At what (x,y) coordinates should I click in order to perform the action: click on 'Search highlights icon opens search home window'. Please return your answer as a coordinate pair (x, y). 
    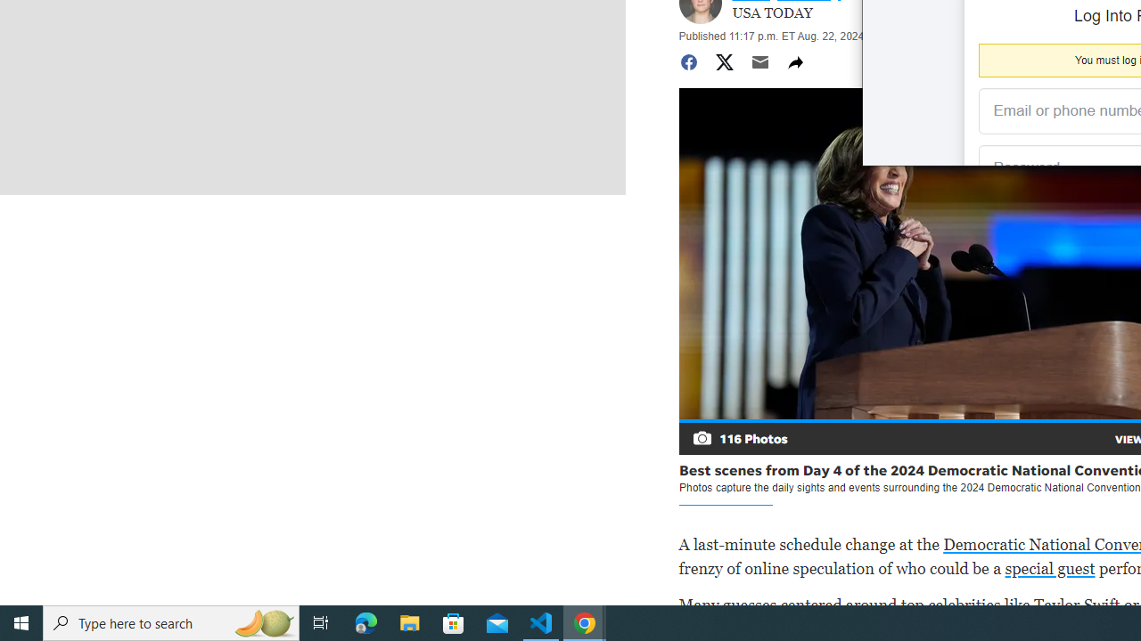
    Looking at the image, I should click on (262, 621).